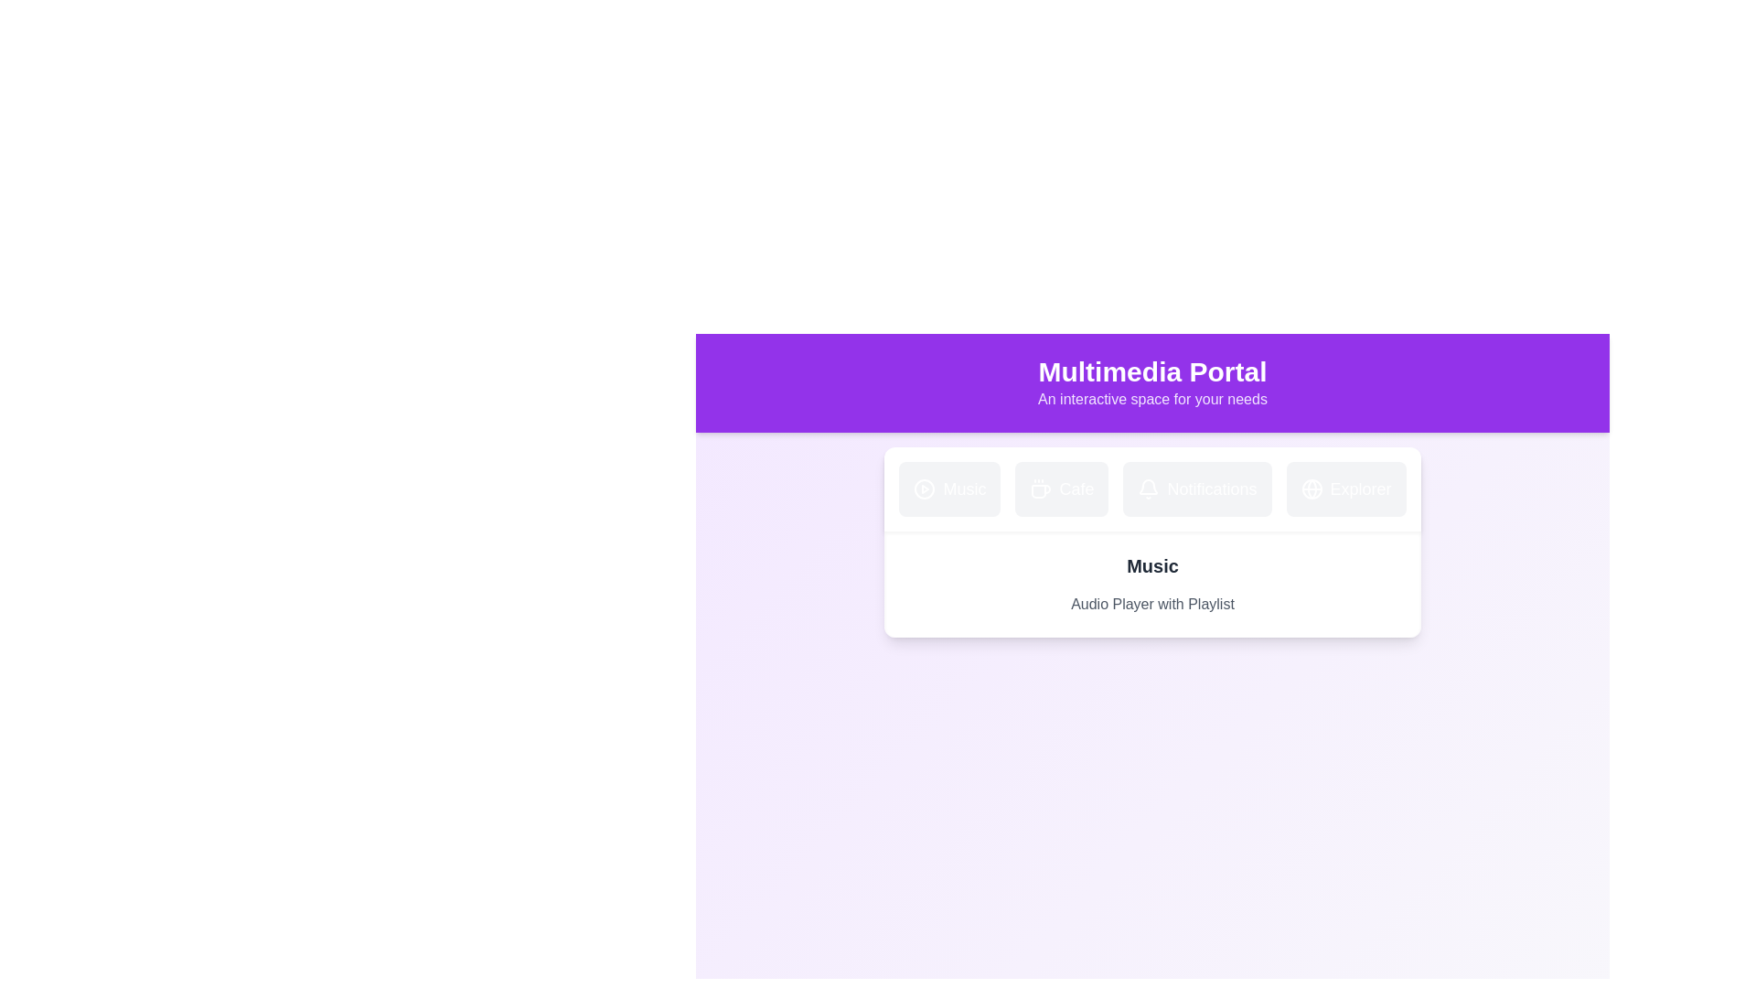 This screenshot has width=1756, height=988. I want to click on the 'Music' Tab button, so click(949, 489).